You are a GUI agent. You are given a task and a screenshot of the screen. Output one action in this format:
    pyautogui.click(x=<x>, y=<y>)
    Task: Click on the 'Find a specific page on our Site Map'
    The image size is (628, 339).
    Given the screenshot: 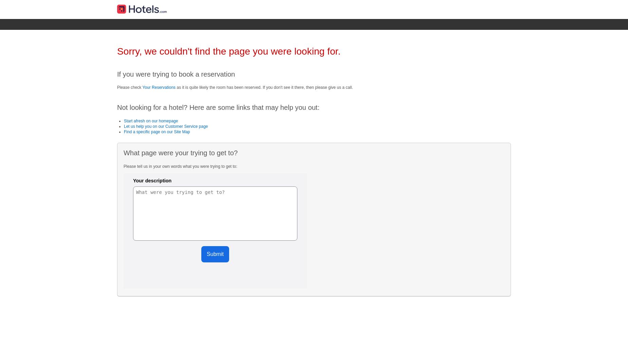 What is the action you would take?
    pyautogui.click(x=156, y=132)
    